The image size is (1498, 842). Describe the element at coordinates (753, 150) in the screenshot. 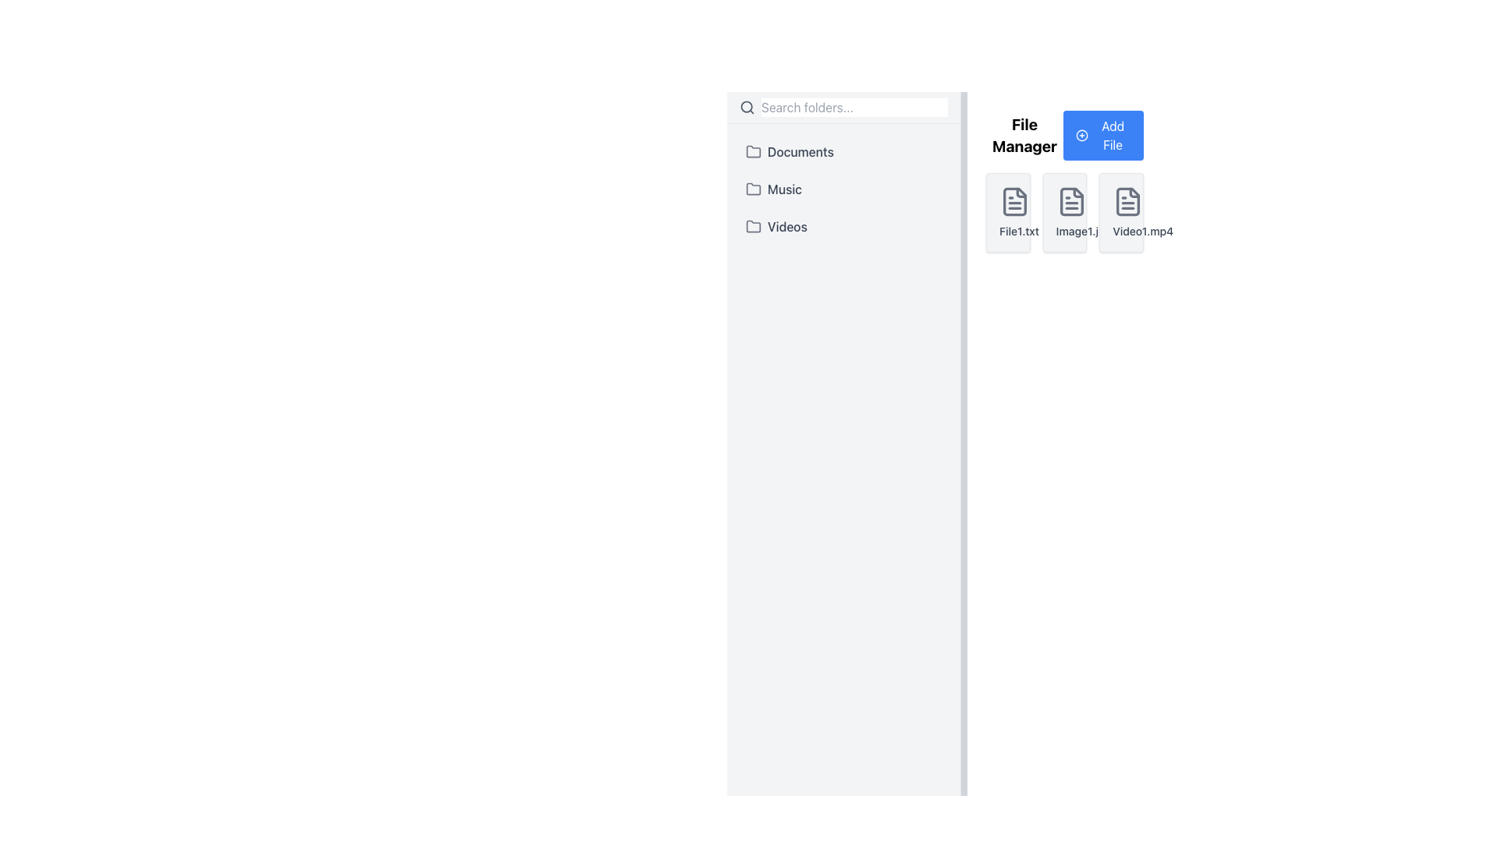

I see `the folder icon located in the vertical list of folder items on the left panel, before the text labeled 'Documents'` at that location.